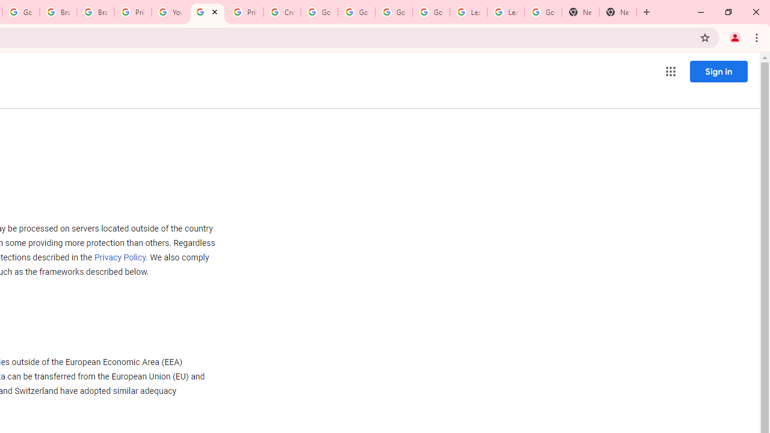 Image resolution: width=770 pixels, height=433 pixels. What do you see at coordinates (618, 12) in the screenshot?
I see `'New Tab'` at bounding box center [618, 12].